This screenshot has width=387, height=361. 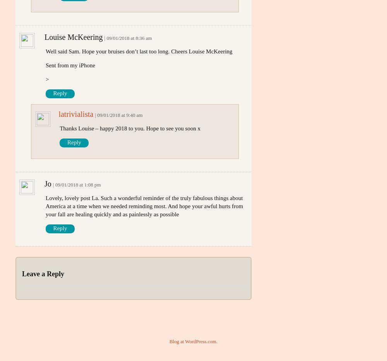 I want to click on '09/01/2018 at 9:40 am', so click(x=97, y=115).